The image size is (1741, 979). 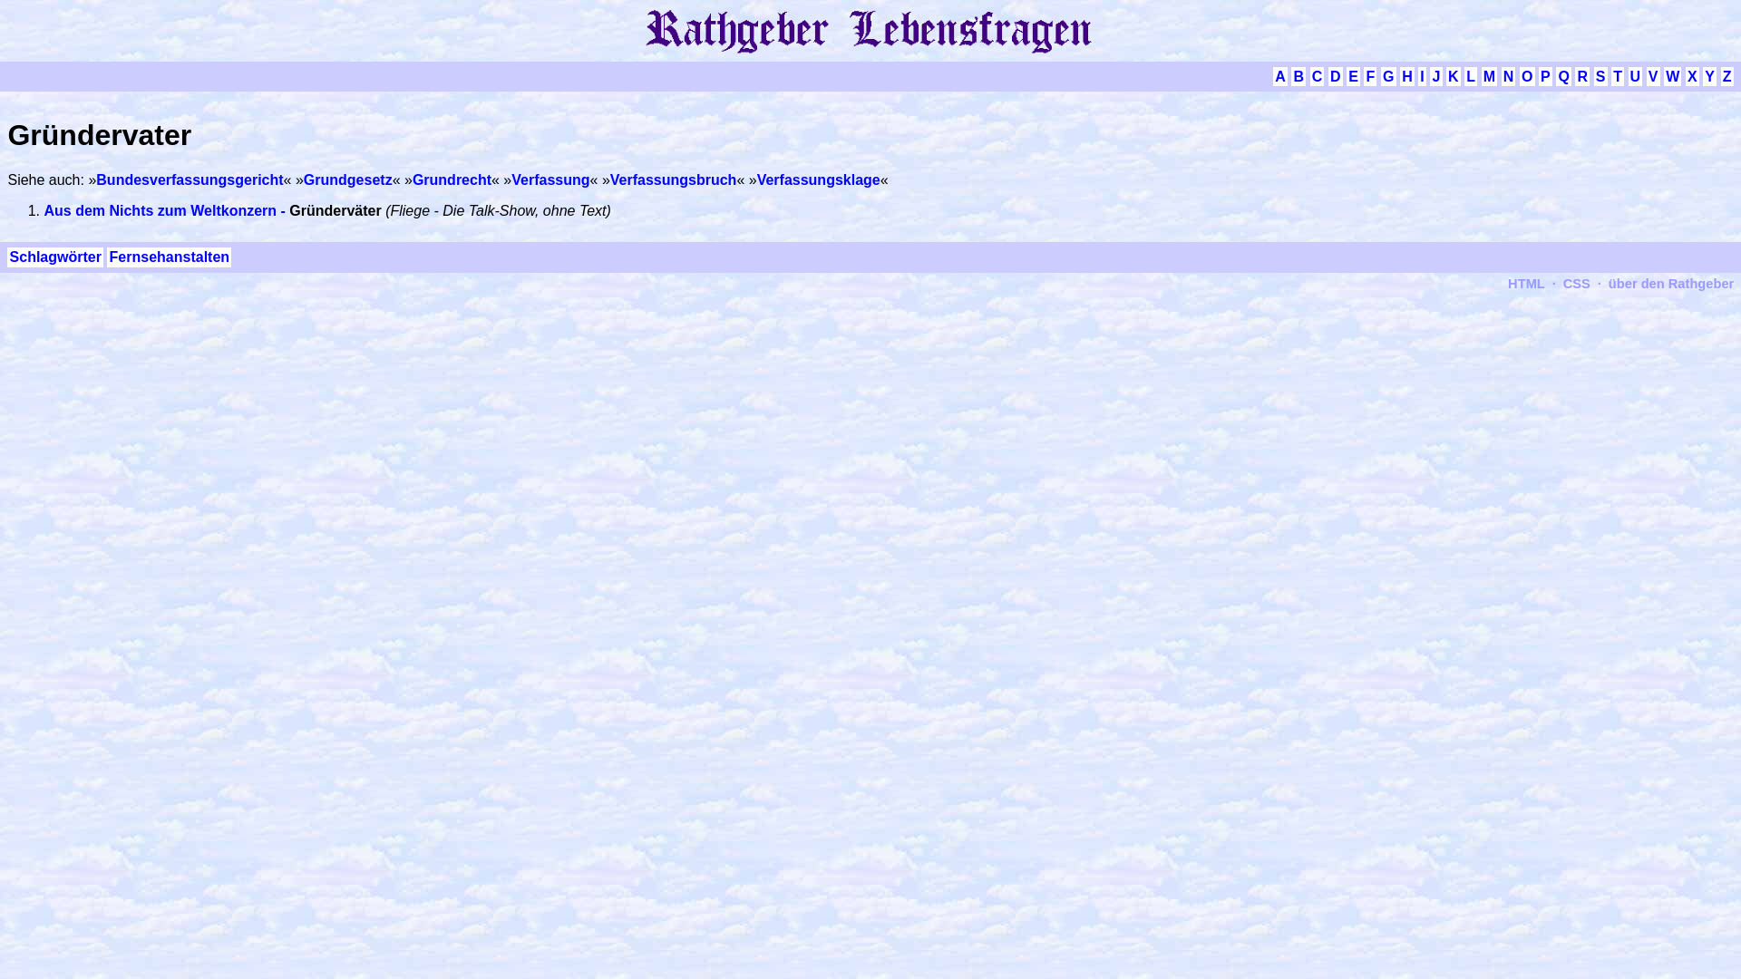 I want to click on 'R', so click(x=1581, y=75).